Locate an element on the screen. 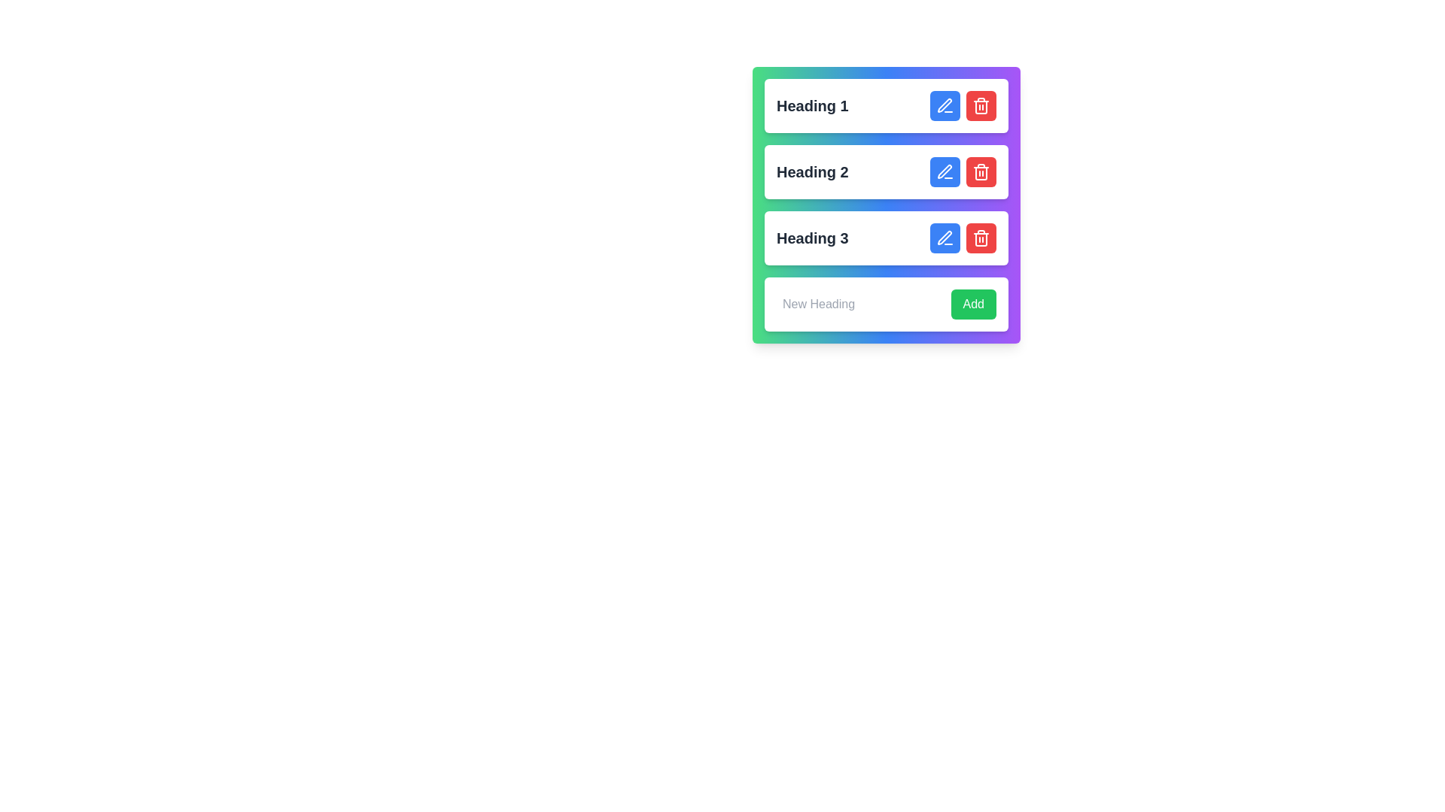  the edit icon button located in the first row next to 'Heading 1' to initiate editing is located at coordinates (945, 105).